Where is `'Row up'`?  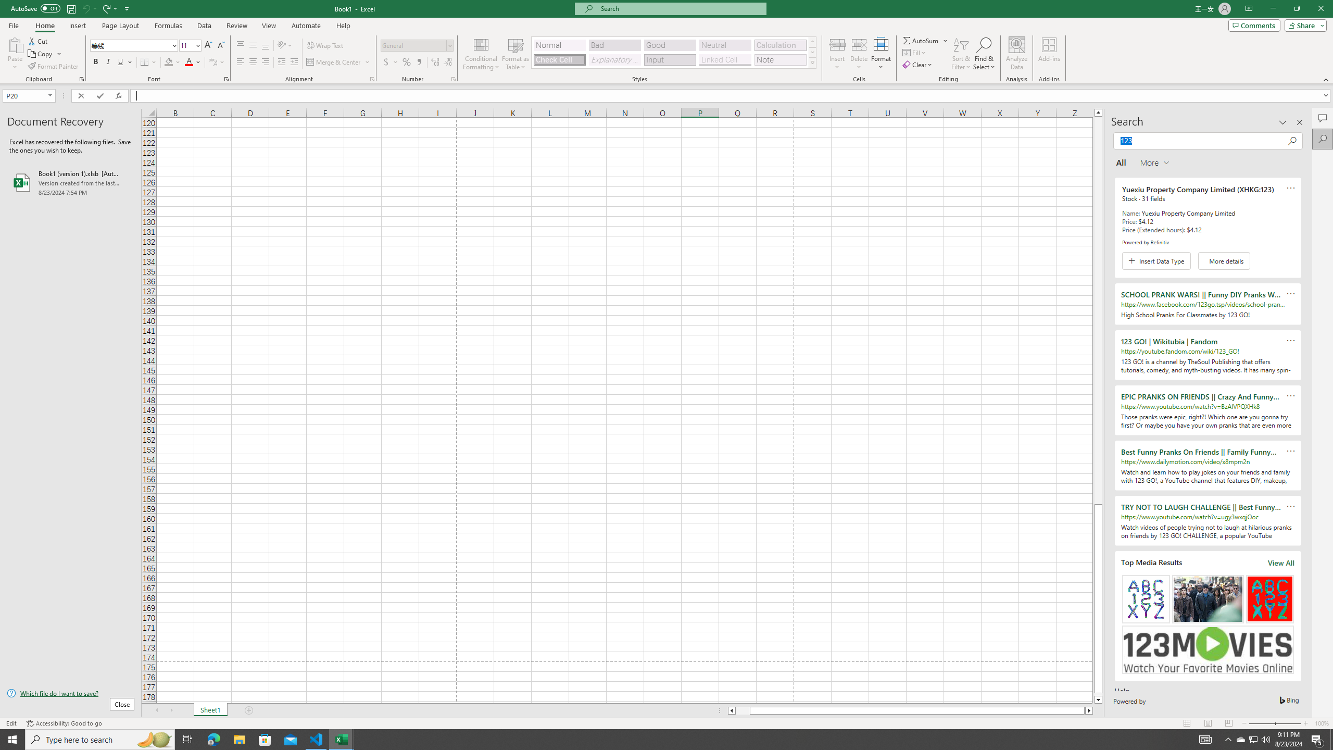
'Row up' is located at coordinates (812, 42).